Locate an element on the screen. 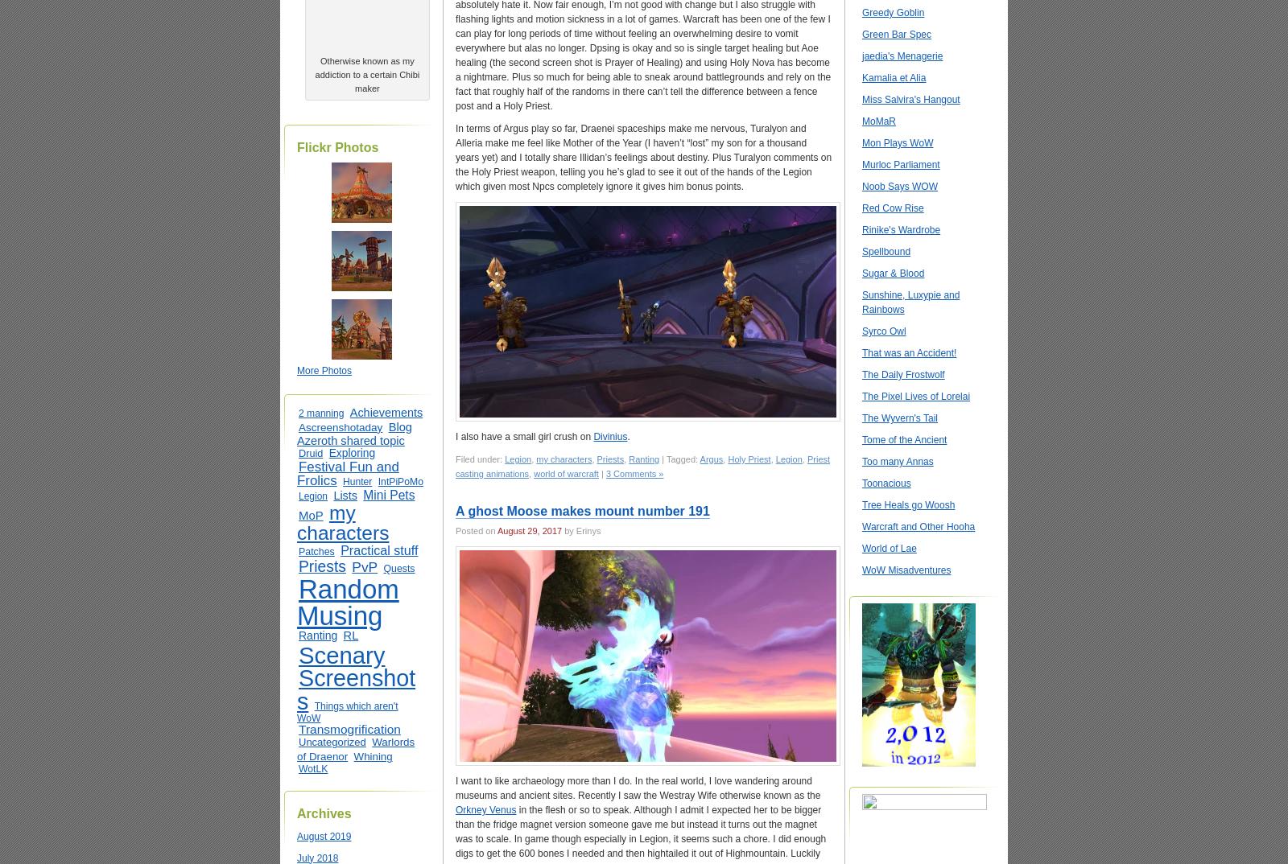 The height and width of the screenshot is (864, 1288). 'Syrco Owl' is located at coordinates (884, 331).